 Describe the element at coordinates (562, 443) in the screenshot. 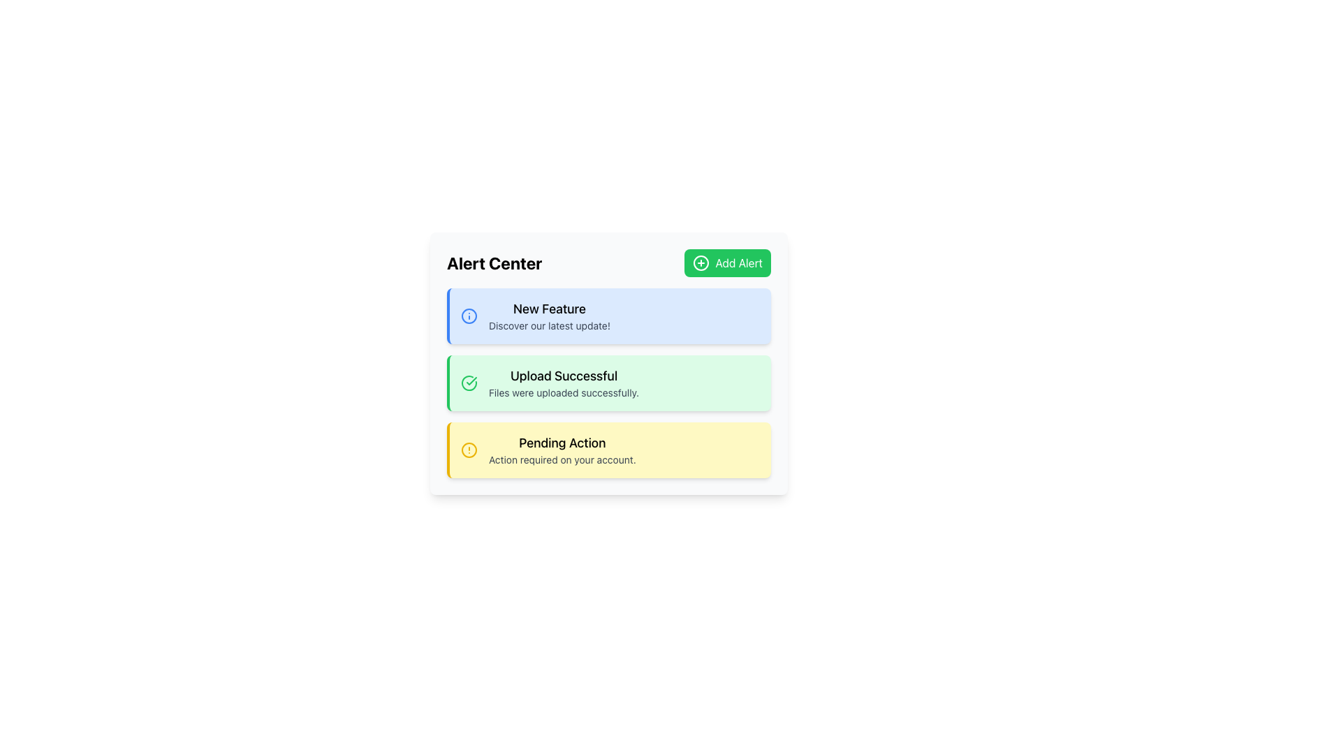

I see `the text element displaying 'Pending Action' located on the top portion of the yellow card, which is the last of three vertical cards in the interface` at that location.